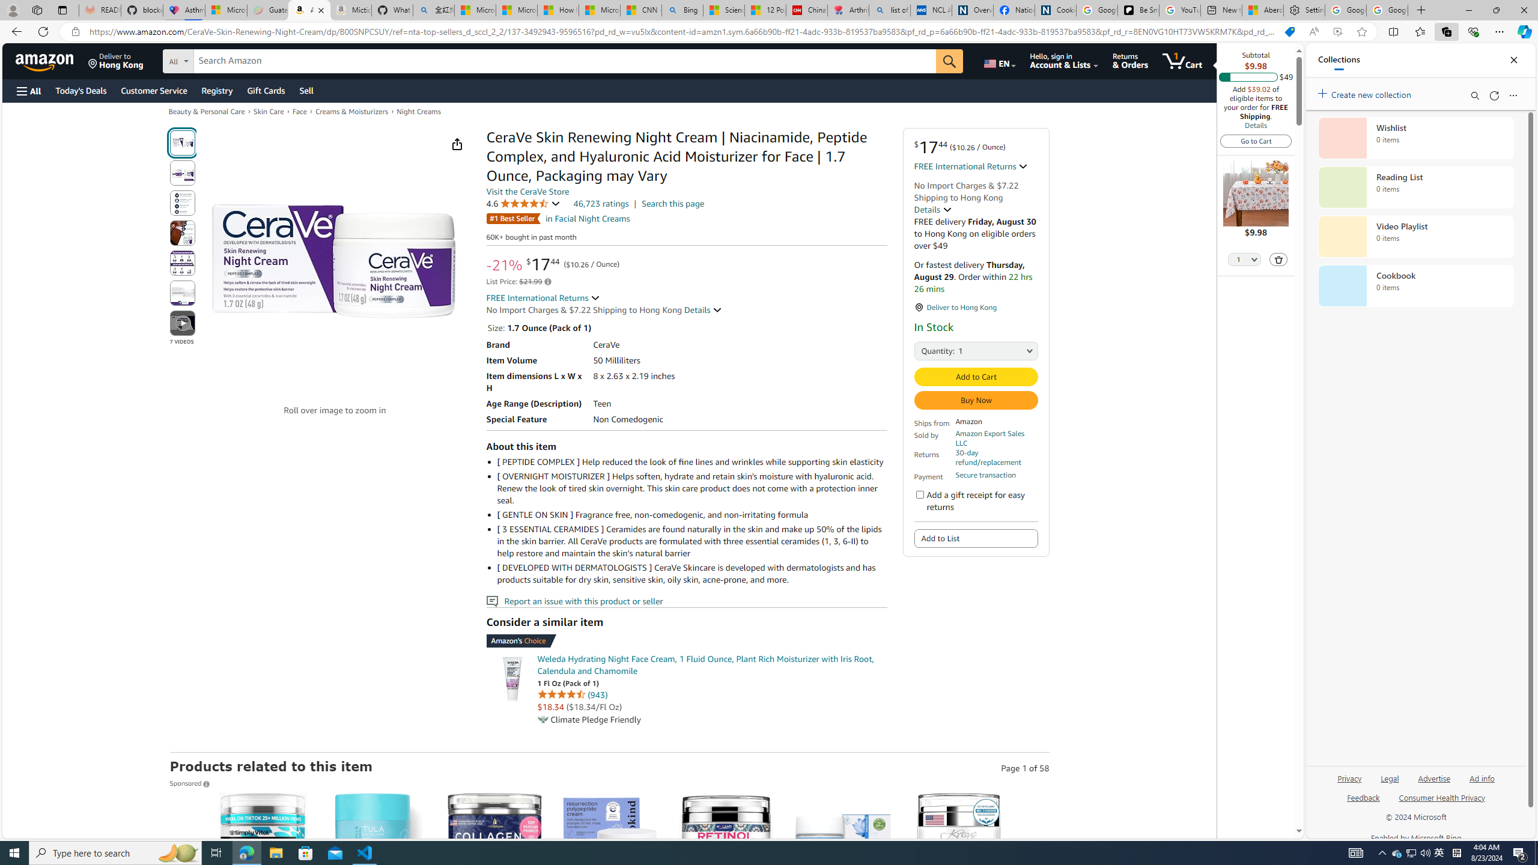  What do you see at coordinates (1415, 186) in the screenshot?
I see `'Reading List collection, 0 items'` at bounding box center [1415, 186].